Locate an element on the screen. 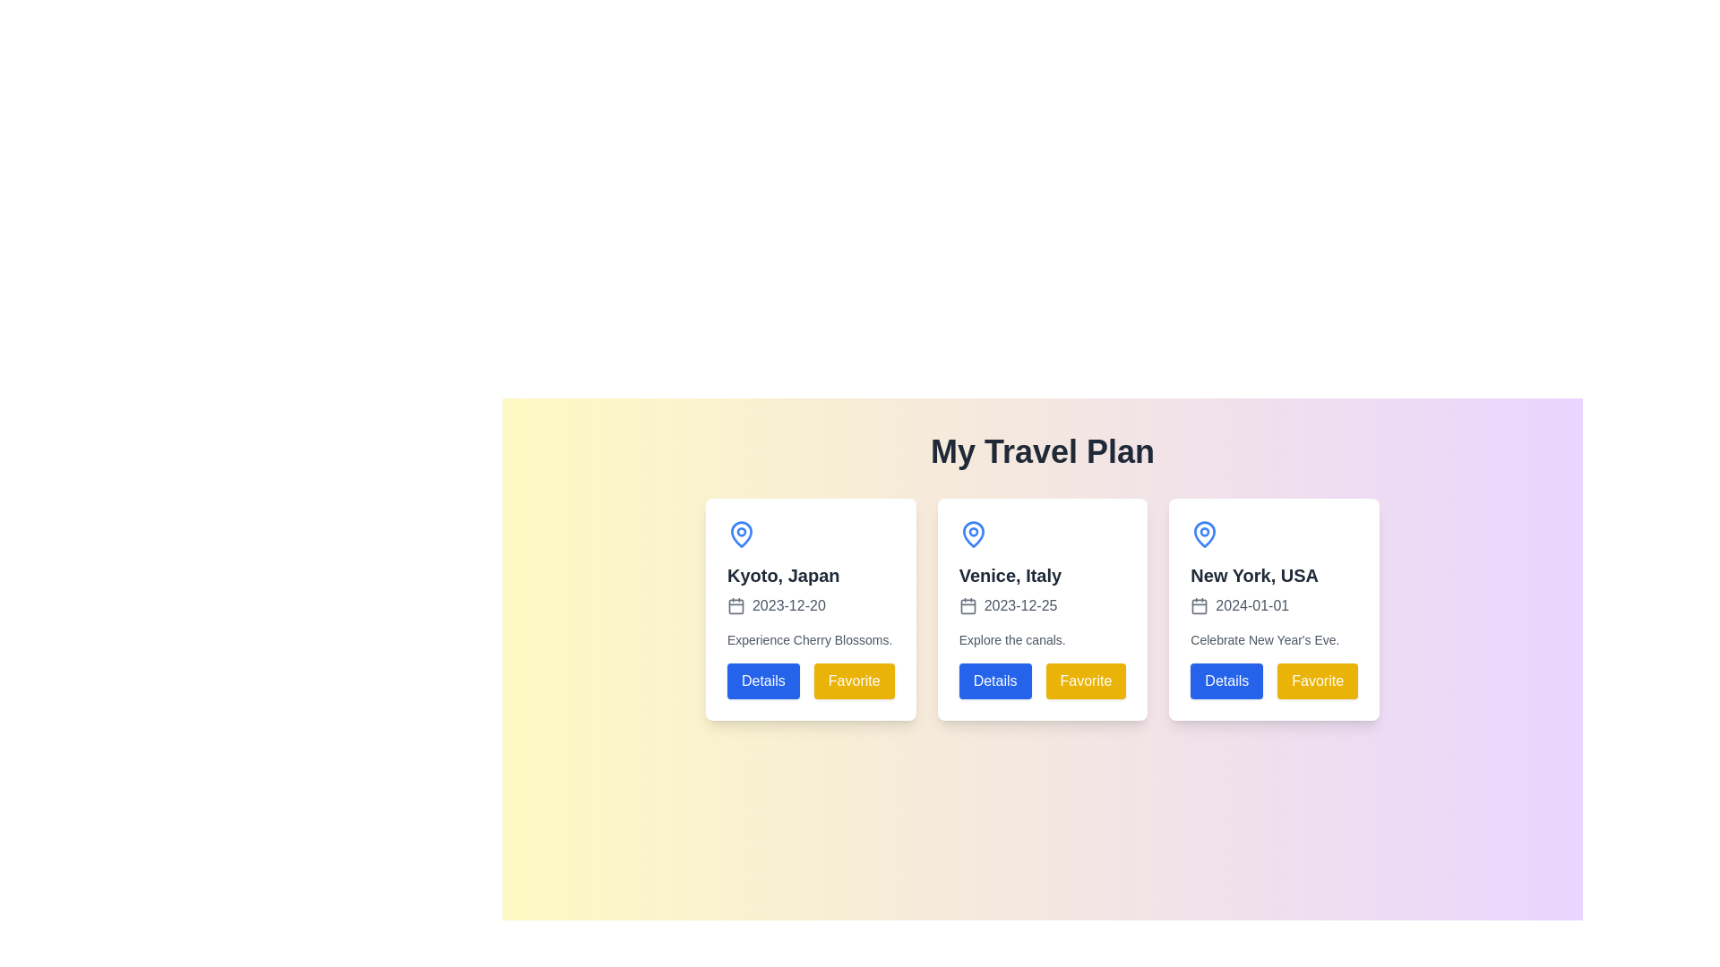 The height and width of the screenshot is (967, 1720). the 'Favorite' button with a yellow background and white text located at the bottom-right corner of the middle card in 'My Travel Plan' is located at coordinates (1085, 680).